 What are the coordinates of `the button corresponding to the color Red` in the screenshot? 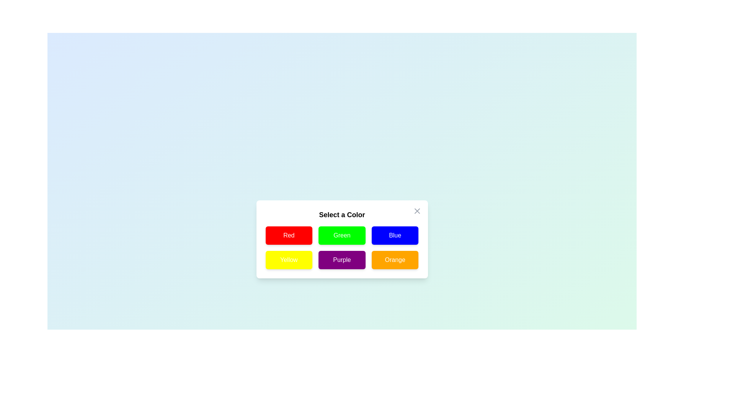 It's located at (288, 235).